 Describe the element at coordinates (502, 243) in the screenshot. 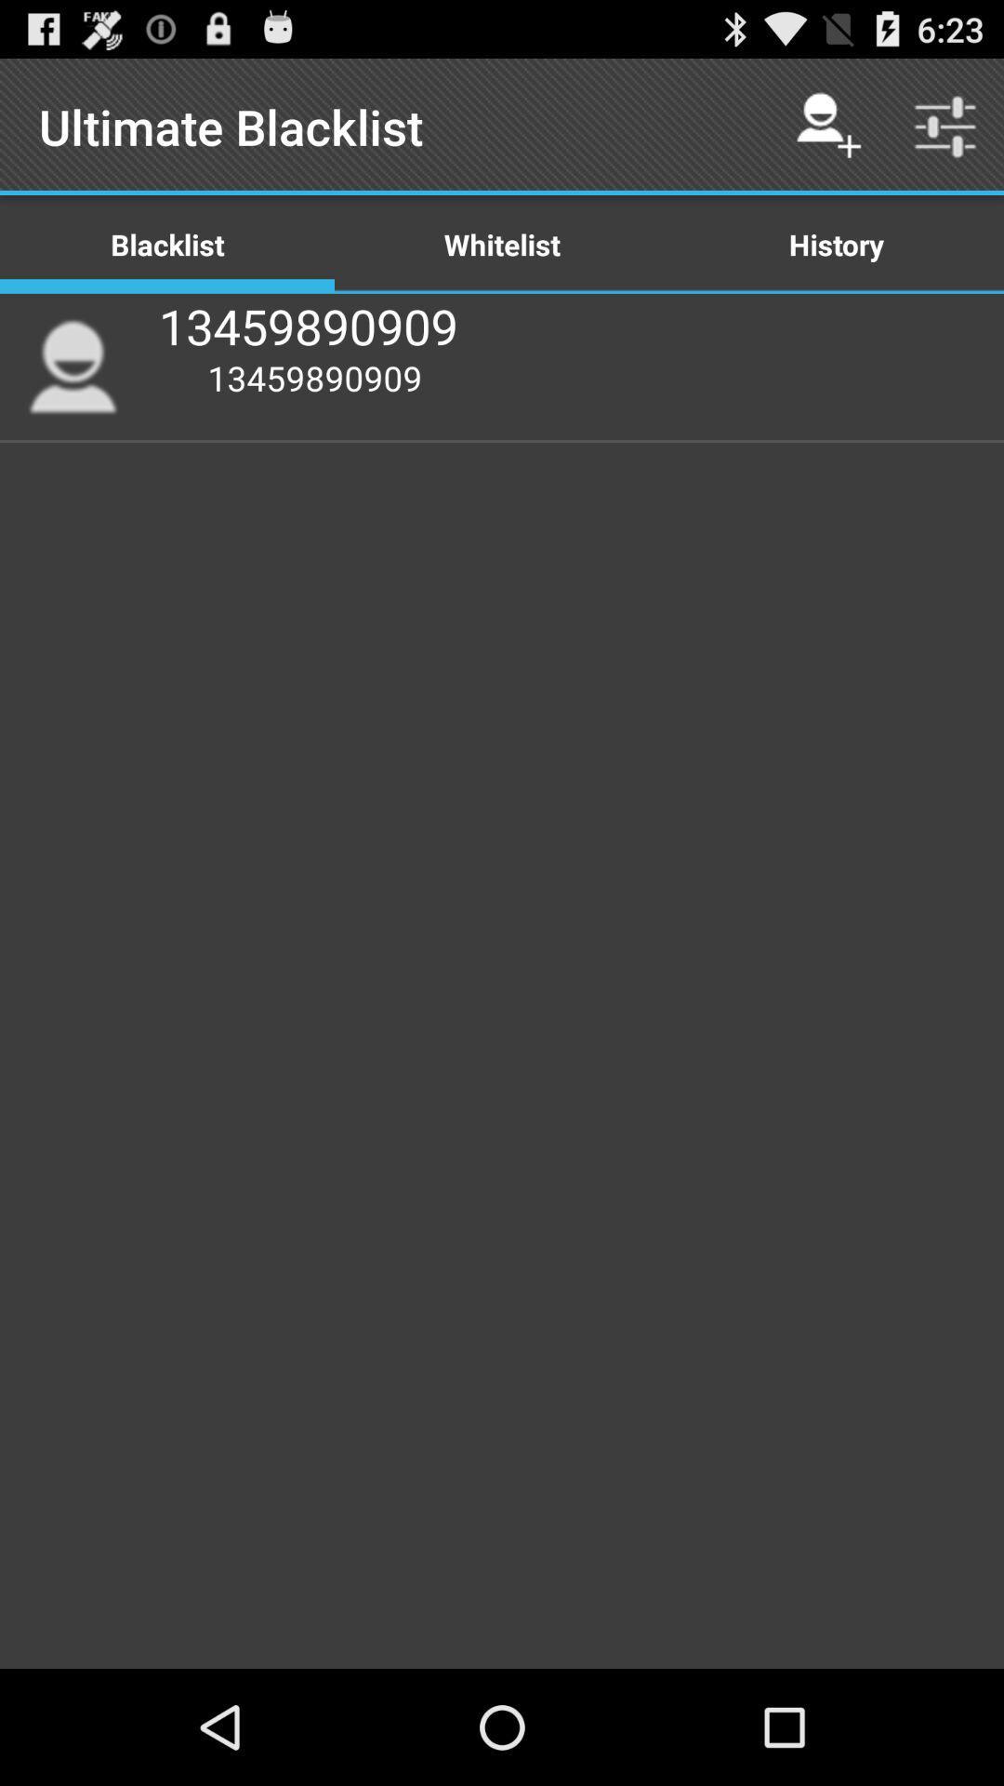

I see `icon above the 13459890909 item` at that location.